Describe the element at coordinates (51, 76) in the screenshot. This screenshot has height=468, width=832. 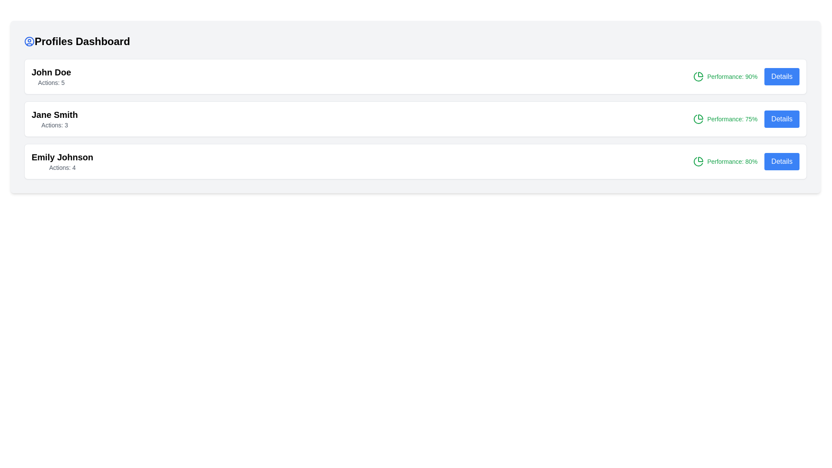
I see `the Text Label displaying the name and number of actions associated with the profile 'John Doe', located at the top section of the Profiles Dashboard under the white, rounded, shadowed card` at that location.